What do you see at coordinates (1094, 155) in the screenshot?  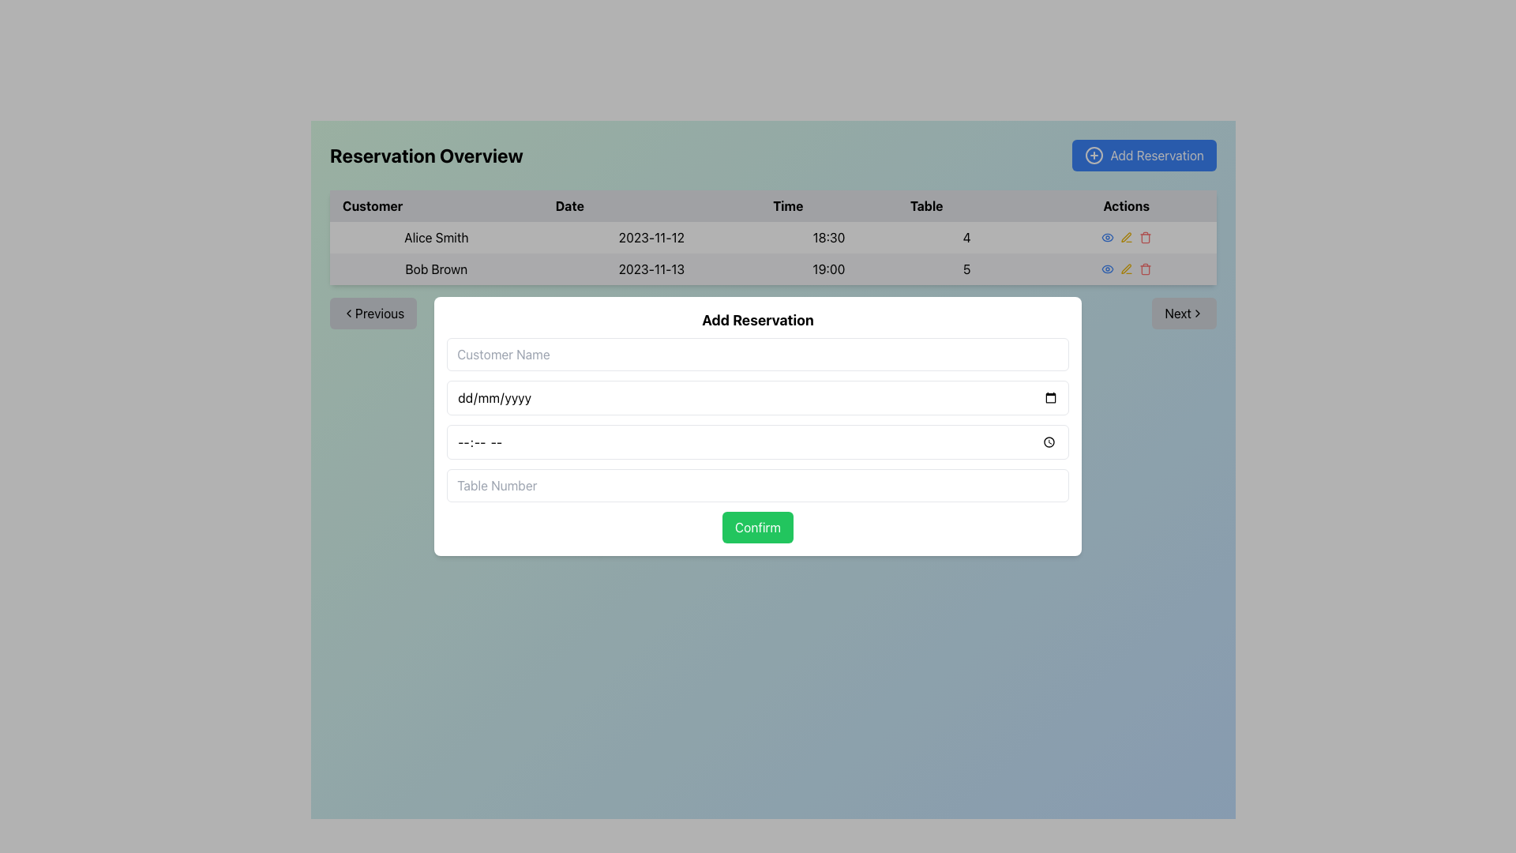 I see `the outermost SVG circle element of the 'Add Reservation' button located in the upper-right corner of the application's interface` at bounding box center [1094, 155].